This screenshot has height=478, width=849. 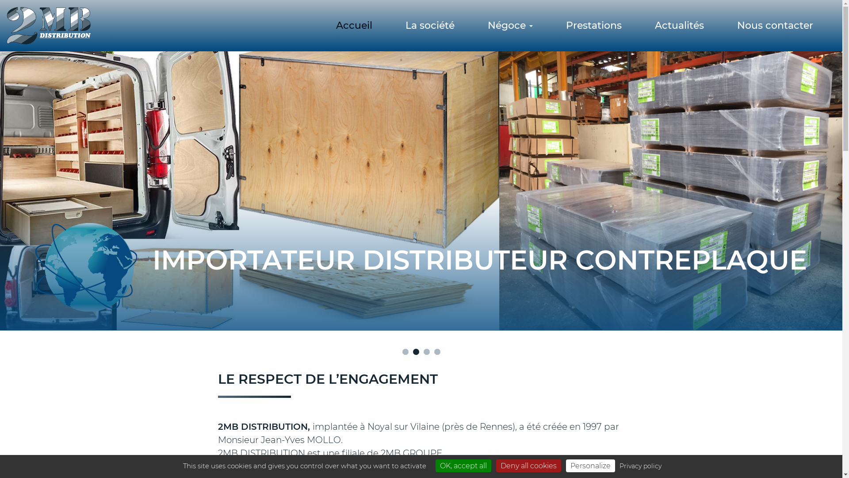 I want to click on '4', so click(x=434, y=351).